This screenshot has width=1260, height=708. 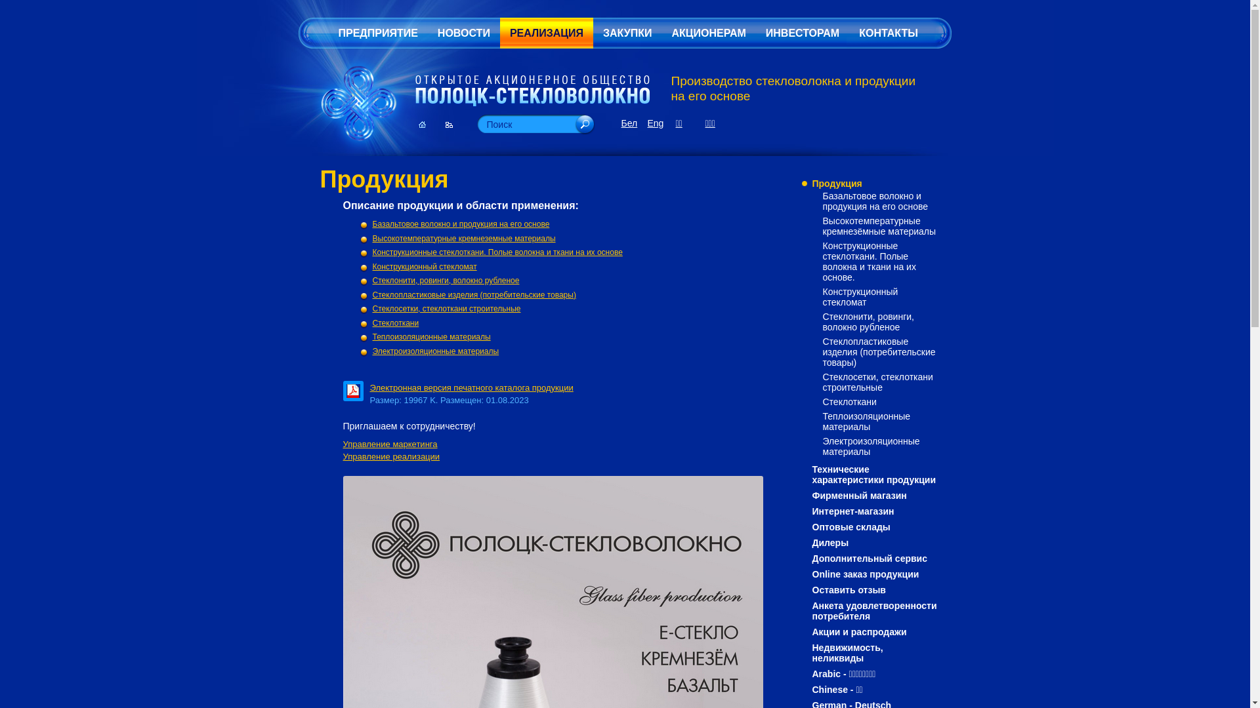 I want to click on 'Eng', so click(x=646, y=123).